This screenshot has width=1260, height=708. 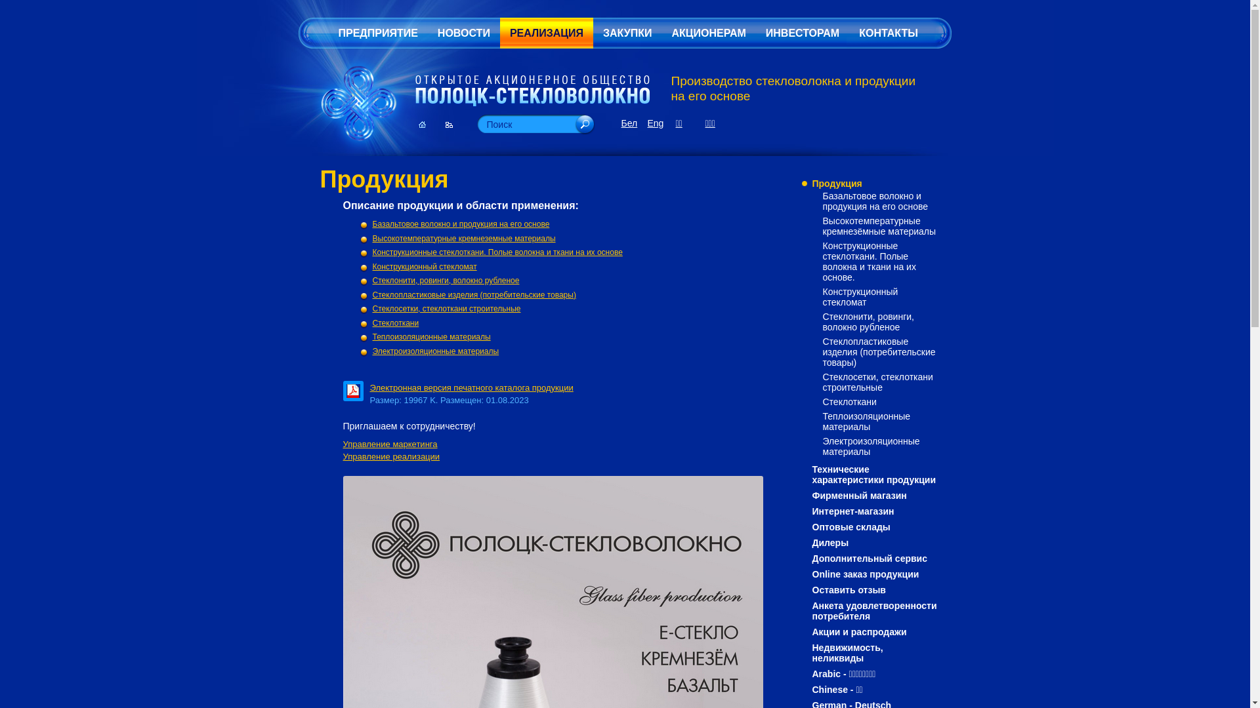 I want to click on 'Eng', so click(x=646, y=123).